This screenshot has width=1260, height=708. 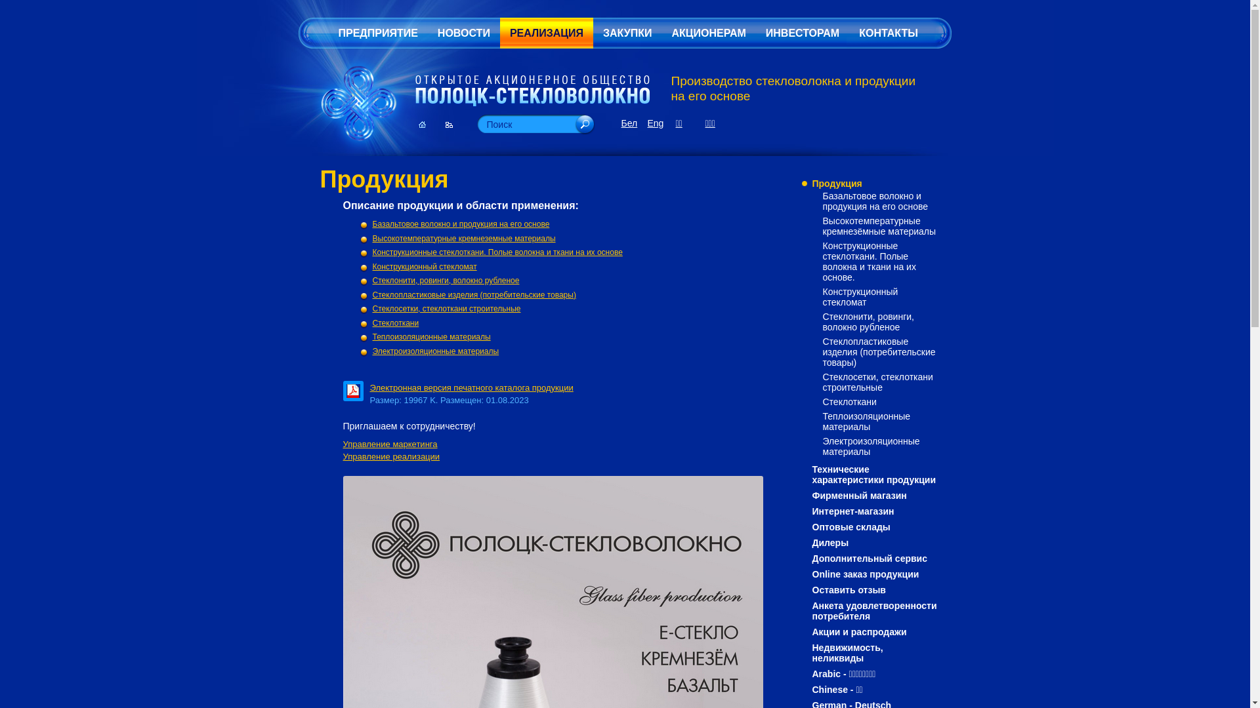 I want to click on 'Eng', so click(x=646, y=123).